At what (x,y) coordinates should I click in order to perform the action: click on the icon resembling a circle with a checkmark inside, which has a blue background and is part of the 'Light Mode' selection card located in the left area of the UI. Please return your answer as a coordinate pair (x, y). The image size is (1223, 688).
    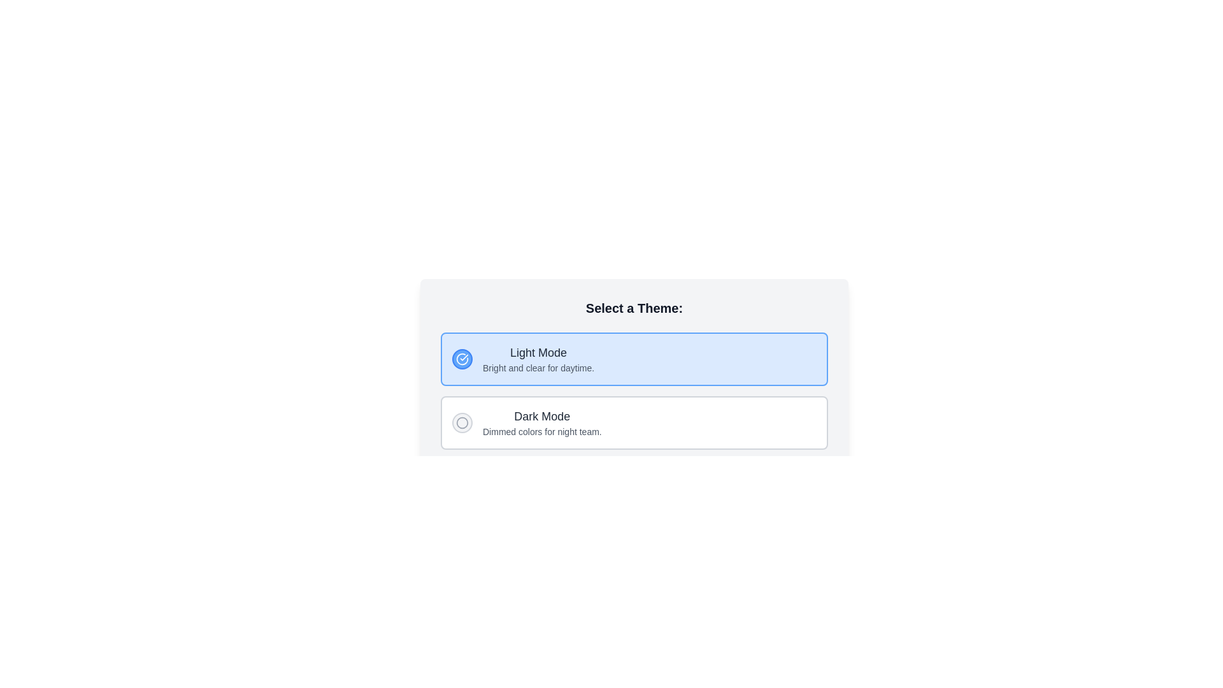
    Looking at the image, I should click on (461, 359).